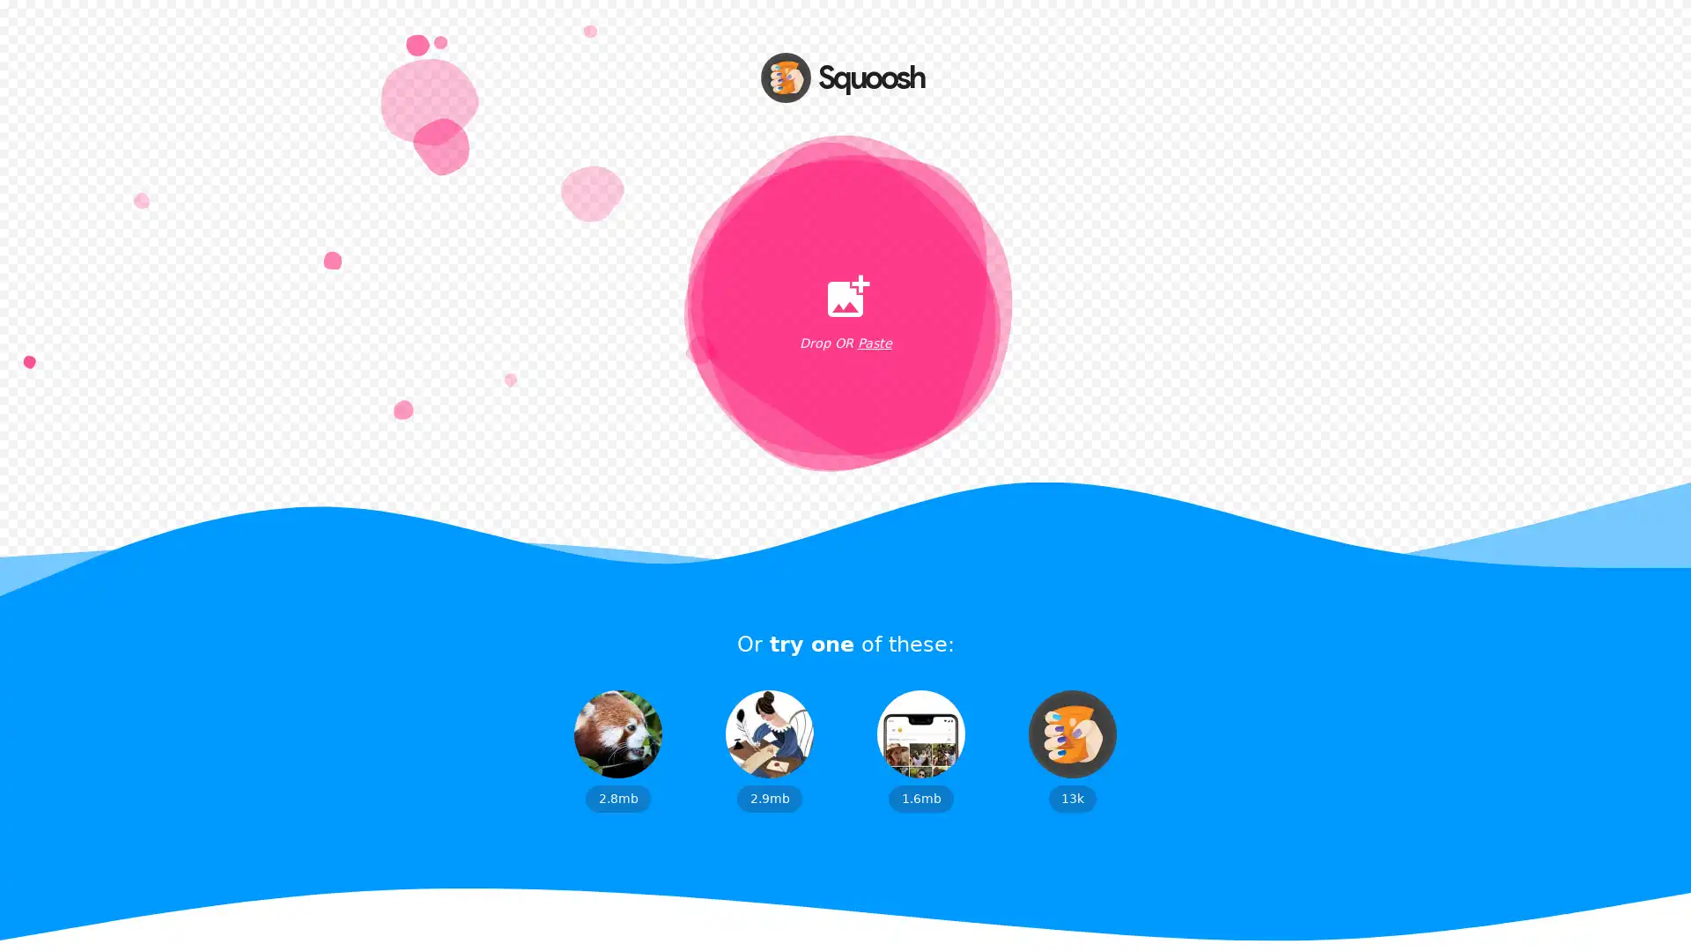 The height and width of the screenshot is (951, 1691). I want to click on Paste, so click(874, 343).